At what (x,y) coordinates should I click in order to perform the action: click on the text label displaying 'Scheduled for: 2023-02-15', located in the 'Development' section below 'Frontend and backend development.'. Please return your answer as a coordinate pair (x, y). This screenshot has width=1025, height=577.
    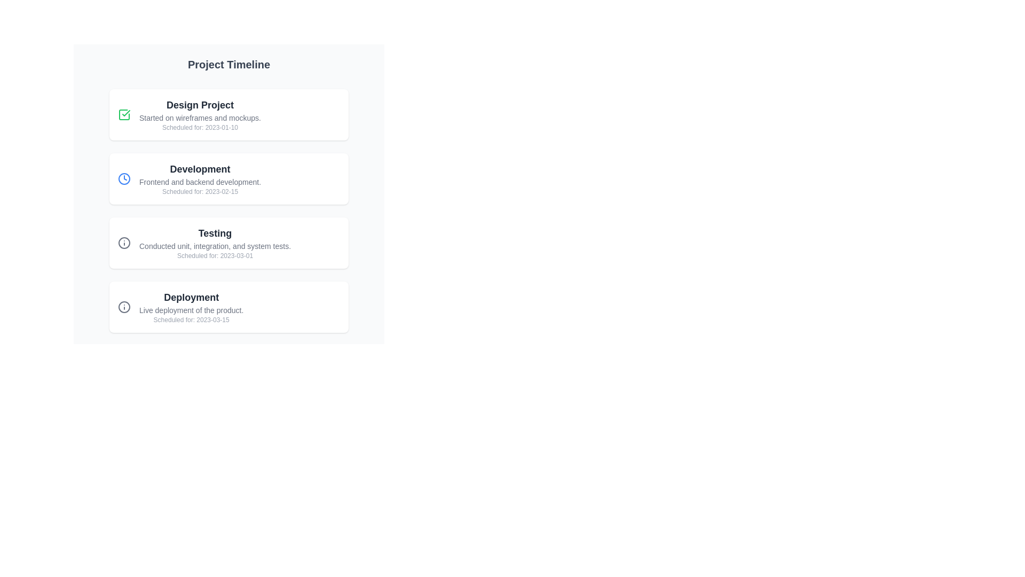
    Looking at the image, I should click on (200, 191).